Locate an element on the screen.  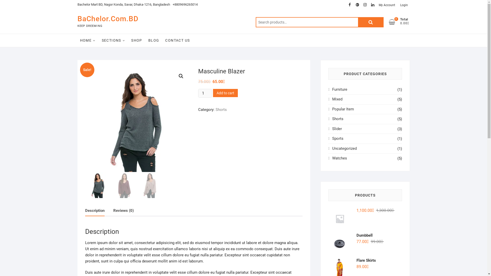
'BaChelor.Com.BD' is located at coordinates (107, 18).